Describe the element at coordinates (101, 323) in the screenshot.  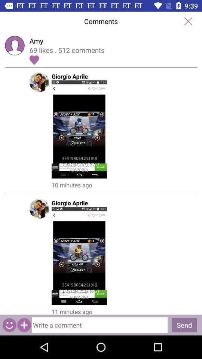
I see `insert a comment` at that location.